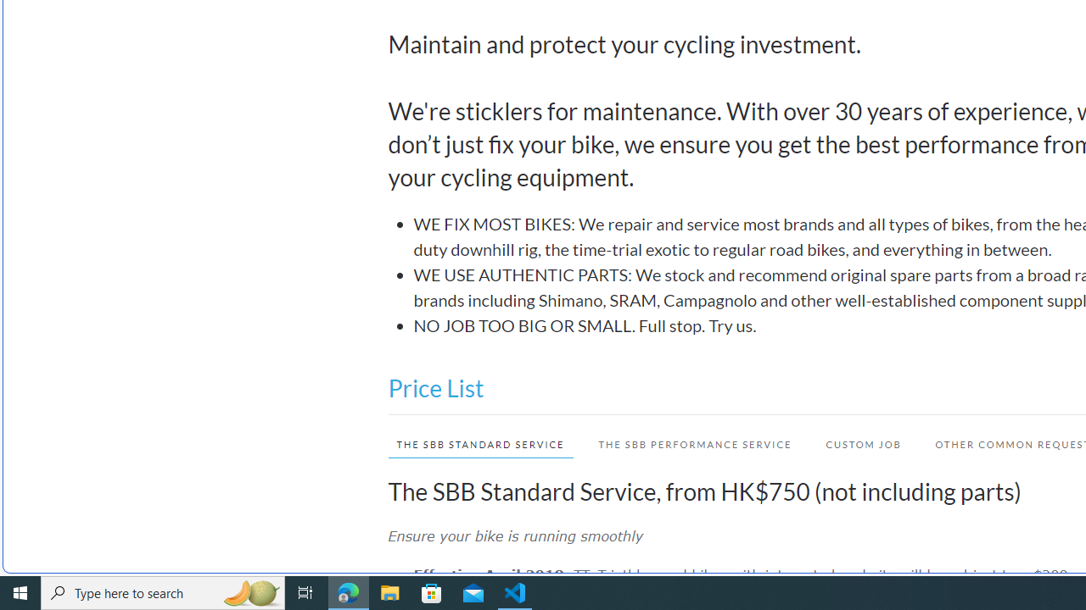  I want to click on 'THE SBB STANDARD SERVICE', so click(472, 443).